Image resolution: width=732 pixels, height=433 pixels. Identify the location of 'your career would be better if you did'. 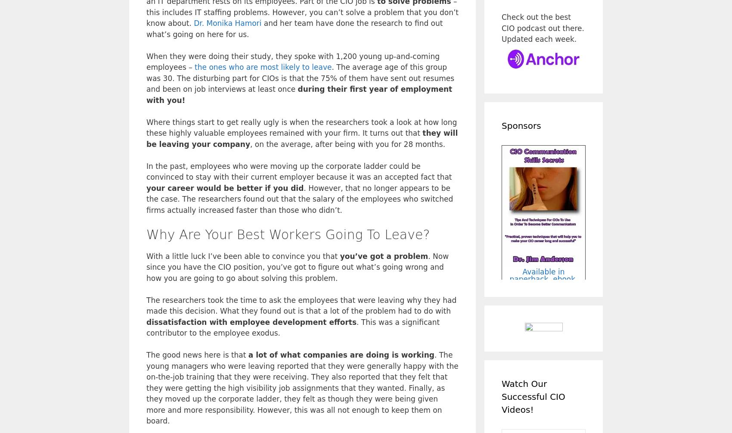
(225, 187).